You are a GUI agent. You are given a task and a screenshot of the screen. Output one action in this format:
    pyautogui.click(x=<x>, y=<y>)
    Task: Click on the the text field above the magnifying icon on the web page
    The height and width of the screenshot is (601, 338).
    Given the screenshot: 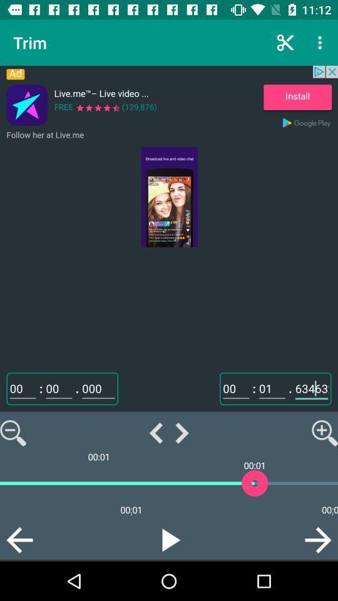 What is the action you would take?
    pyautogui.click(x=311, y=388)
    